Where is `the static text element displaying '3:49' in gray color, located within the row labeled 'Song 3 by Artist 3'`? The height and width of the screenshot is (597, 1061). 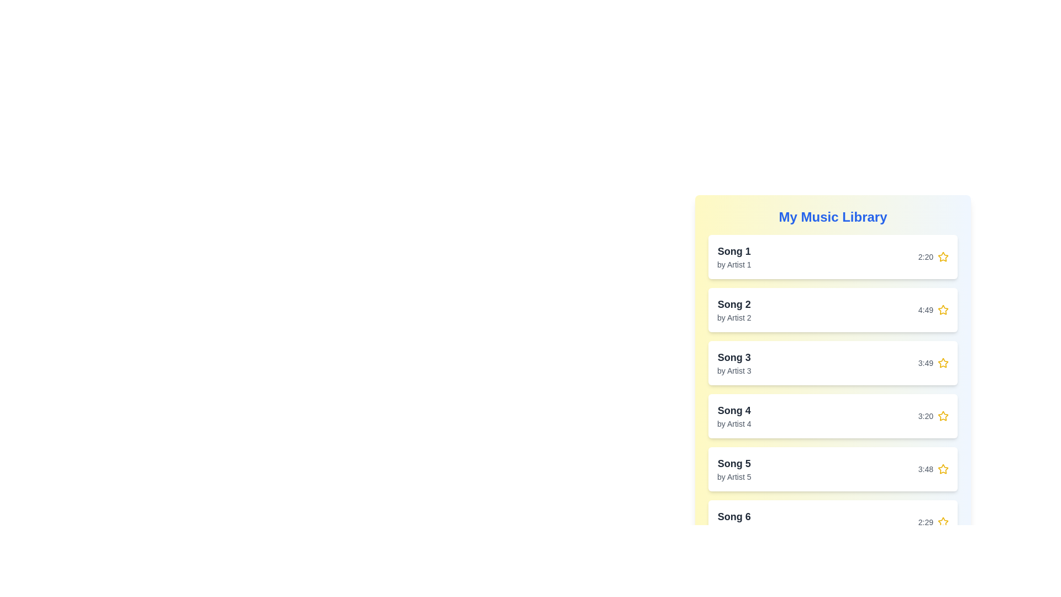 the static text element displaying '3:49' in gray color, located within the row labeled 'Song 3 by Artist 3' is located at coordinates (926, 363).